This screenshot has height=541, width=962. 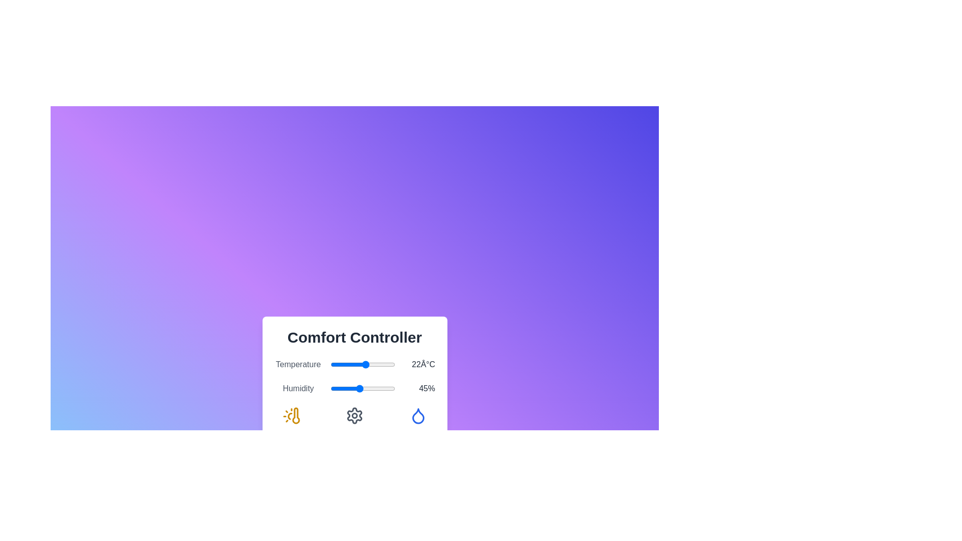 I want to click on the gear icon to open the settings, so click(x=355, y=415).